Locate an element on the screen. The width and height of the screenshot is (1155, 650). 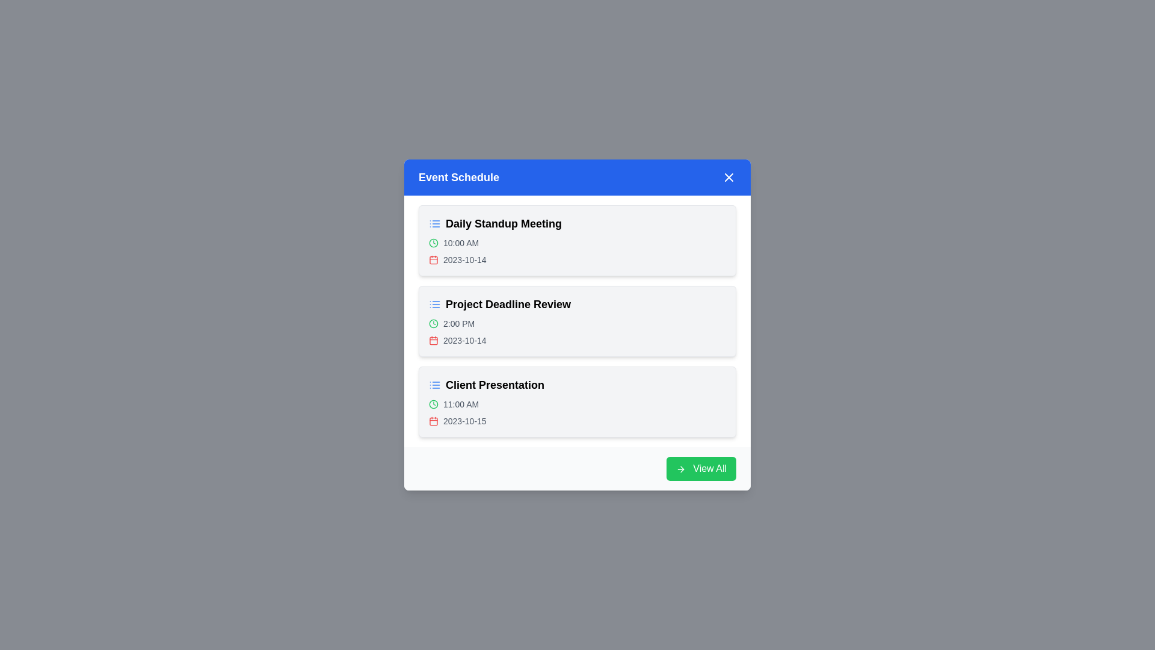
the Icon indicating the scheduled event time of '11:00 AM', located in the 'Client Presentation' section of the event schedule, next to the time description is located at coordinates (433, 404).